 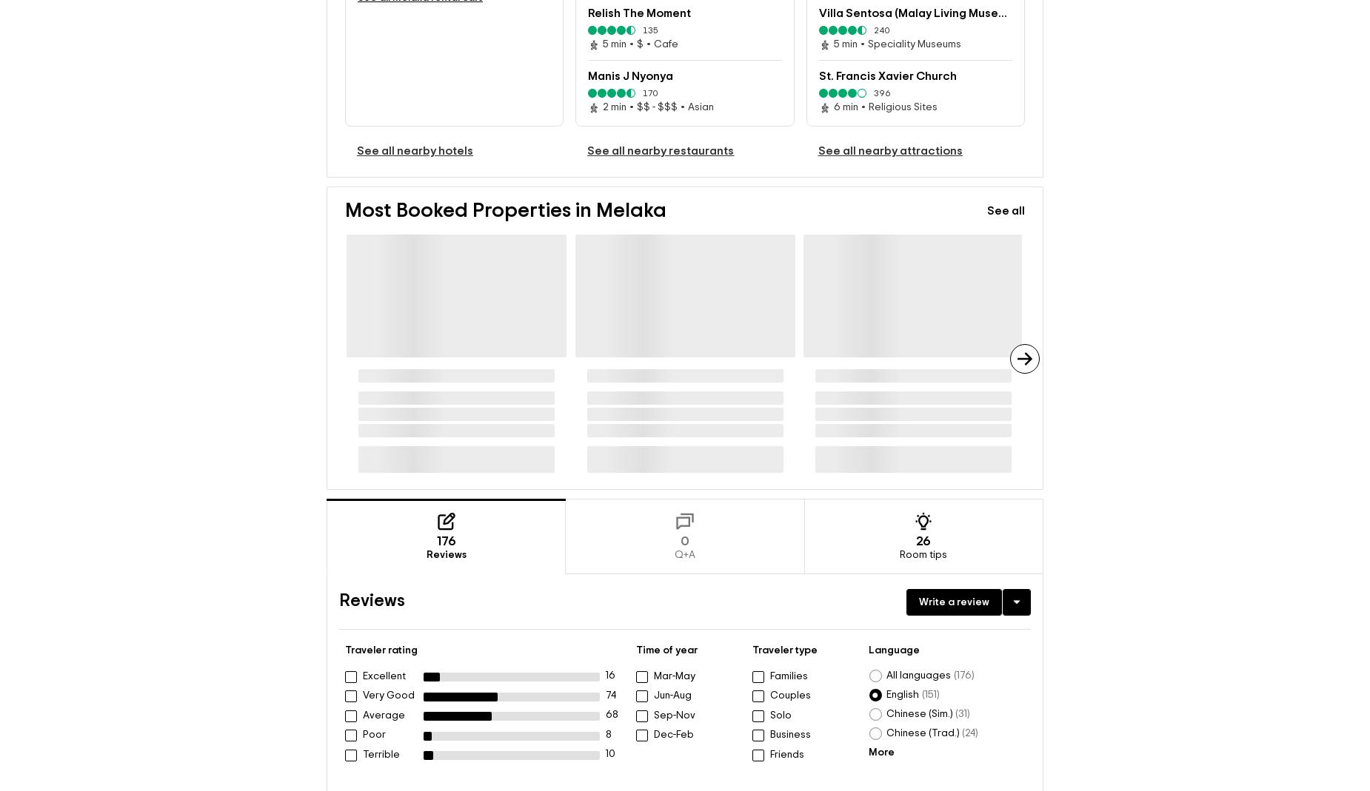 What do you see at coordinates (885, 694) in the screenshot?
I see `'English'` at bounding box center [885, 694].